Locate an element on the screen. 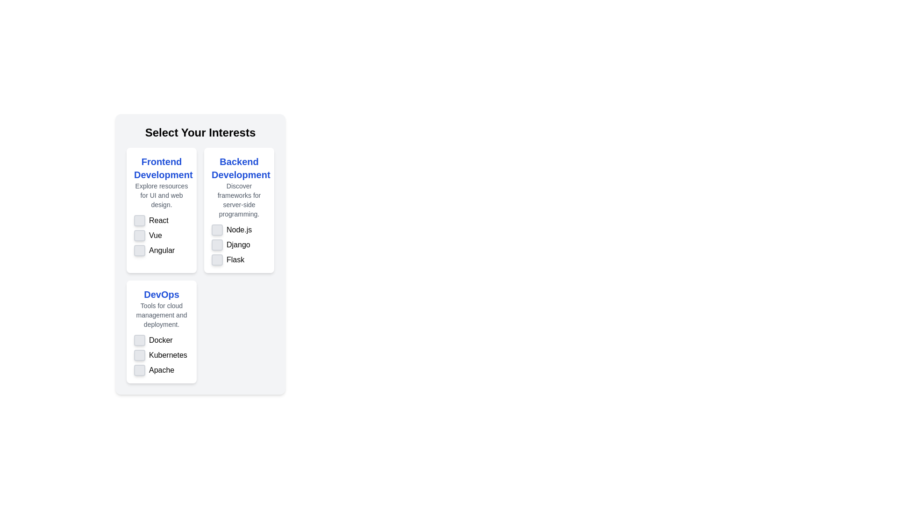 The image size is (897, 505). the 'DevOps' title text label located at the top center of the 'DevOps' card, which provides a heading for the associated content and options below is located at coordinates (161, 294).